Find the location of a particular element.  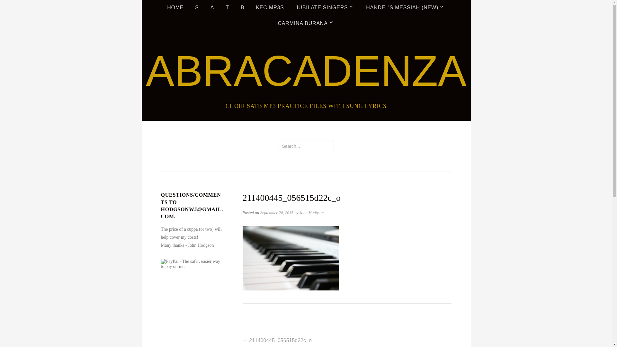

'B' is located at coordinates (235, 8).